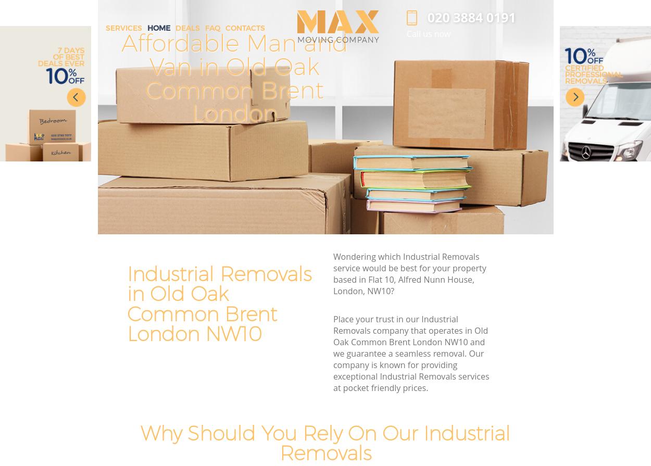 This screenshot has width=651, height=466. Describe the element at coordinates (388, 78) in the screenshot. I see `'Premier House Removals in Old Oak Common Brent London'` at that location.